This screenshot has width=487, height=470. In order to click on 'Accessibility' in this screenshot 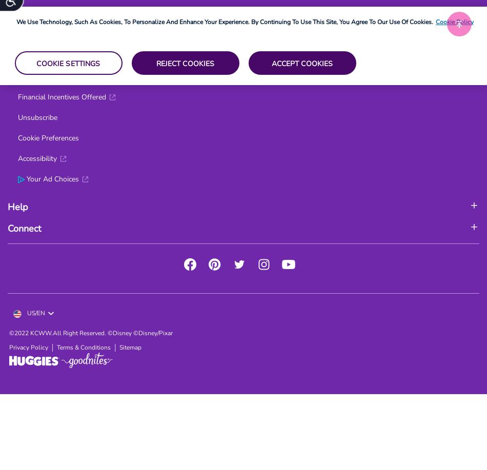, I will do `click(17, 158)`.